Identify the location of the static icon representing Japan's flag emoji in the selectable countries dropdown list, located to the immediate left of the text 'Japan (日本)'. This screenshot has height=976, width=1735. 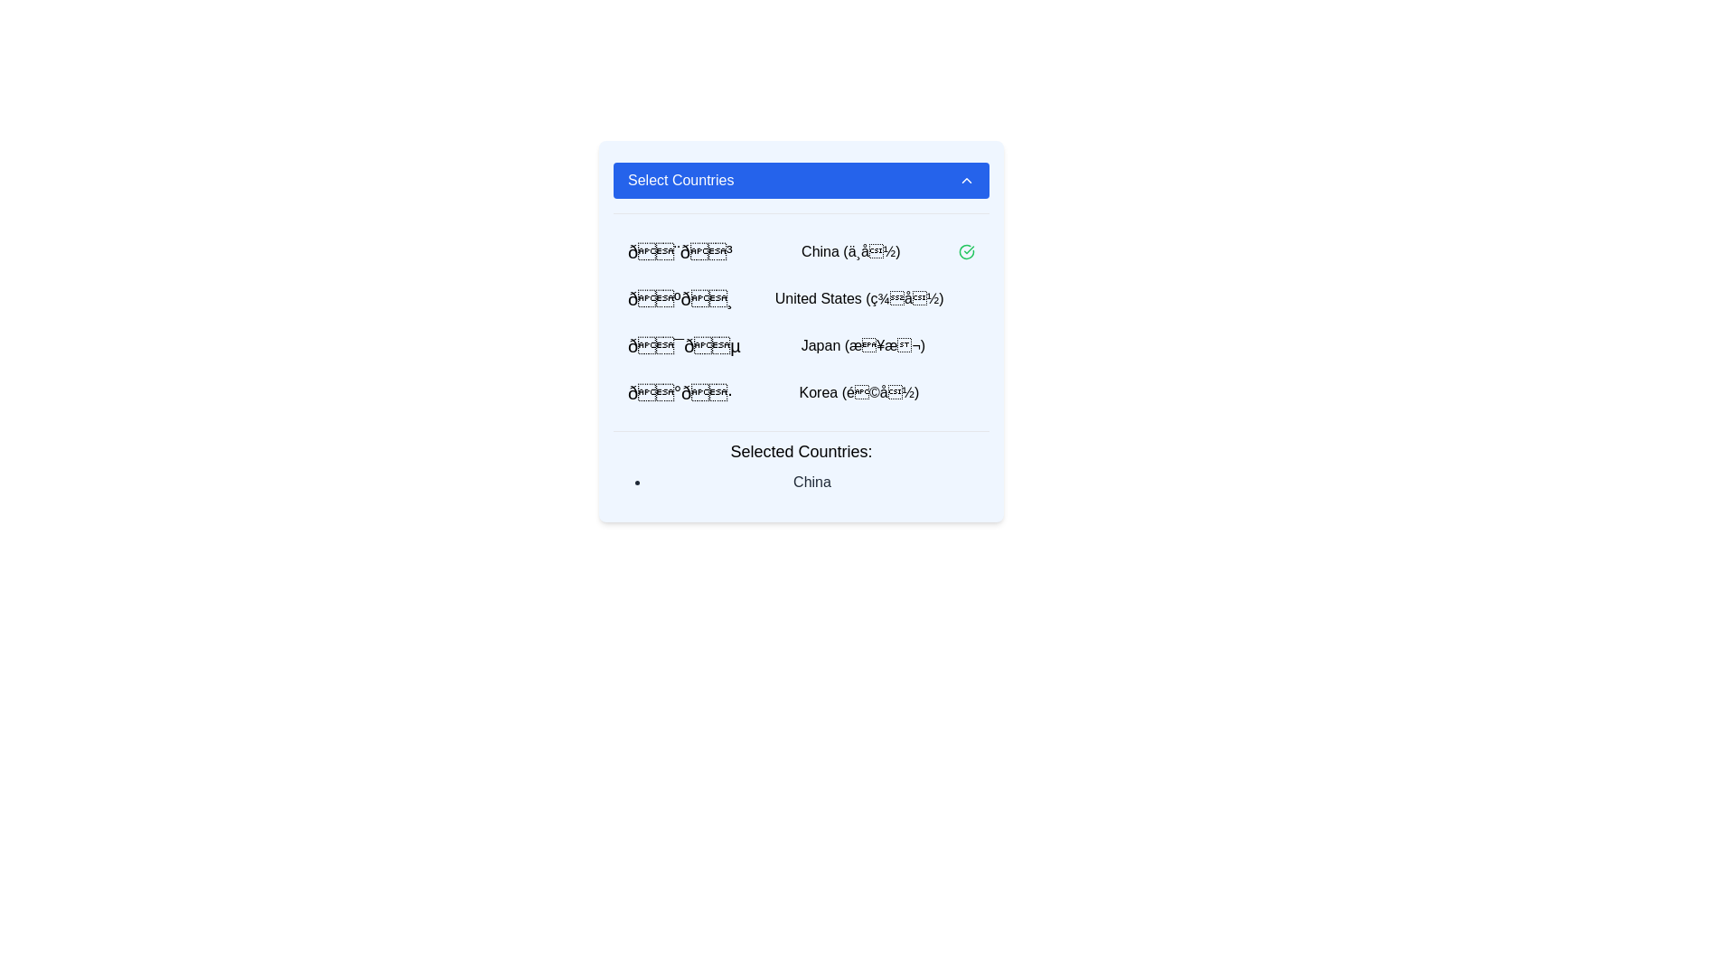
(683, 345).